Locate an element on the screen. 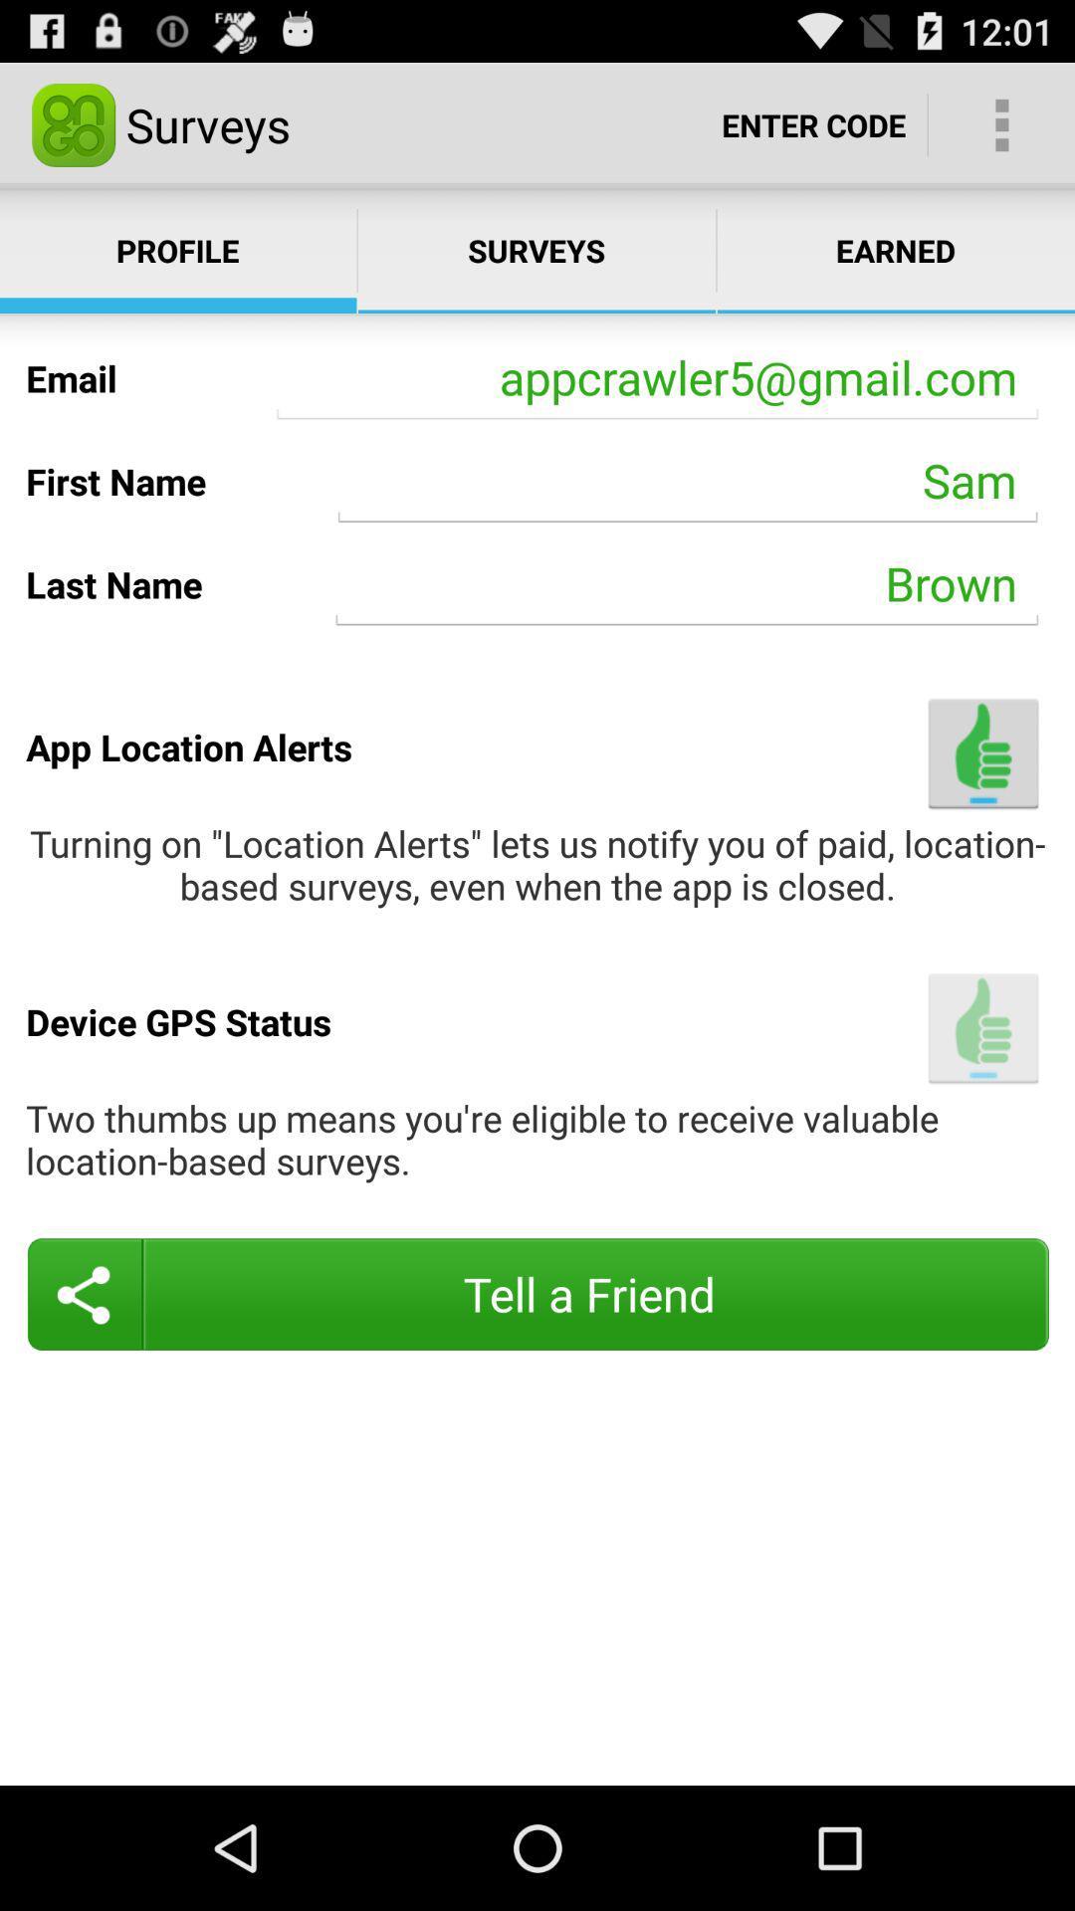 The image size is (1075, 1911). the icon to the right of the device gps status item is located at coordinates (982, 1028).